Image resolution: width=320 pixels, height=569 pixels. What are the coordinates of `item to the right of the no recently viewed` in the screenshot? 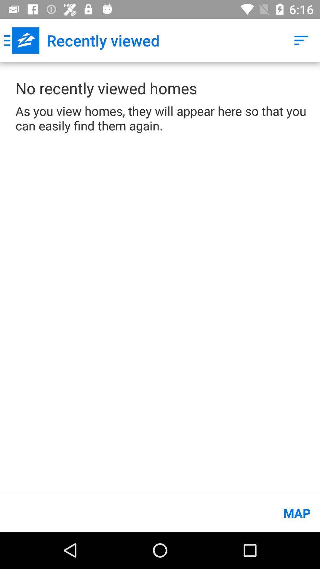 It's located at (301, 40).